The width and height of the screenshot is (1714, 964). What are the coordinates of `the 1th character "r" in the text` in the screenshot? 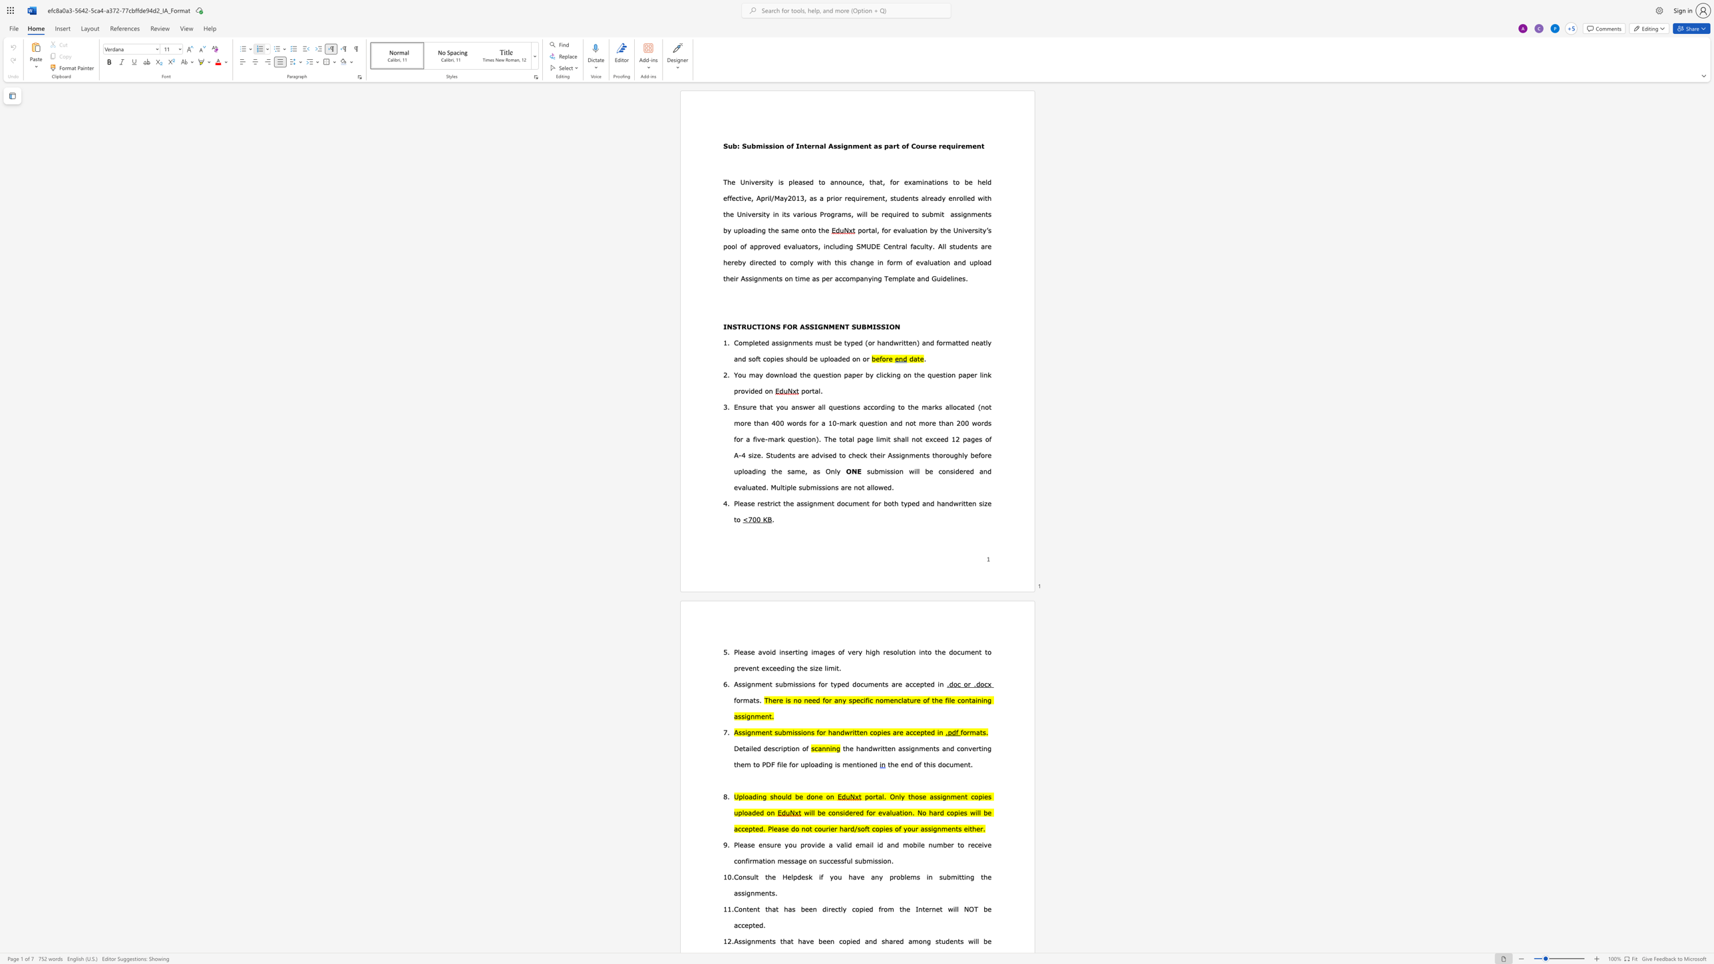 It's located at (969, 683).